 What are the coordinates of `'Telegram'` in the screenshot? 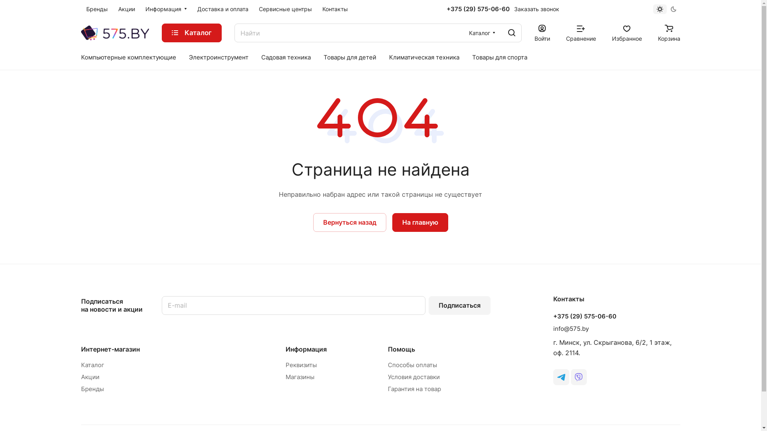 It's located at (552, 377).